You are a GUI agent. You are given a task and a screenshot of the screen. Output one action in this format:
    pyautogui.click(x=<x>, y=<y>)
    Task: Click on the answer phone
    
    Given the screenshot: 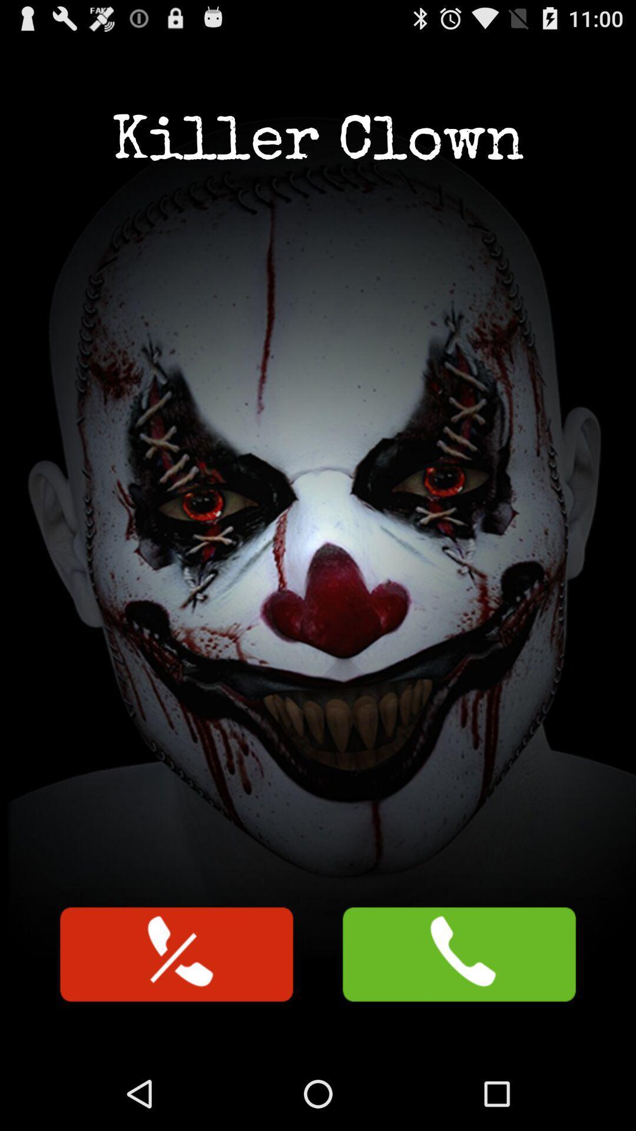 What is the action you would take?
    pyautogui.click(x=458, y=954)
    